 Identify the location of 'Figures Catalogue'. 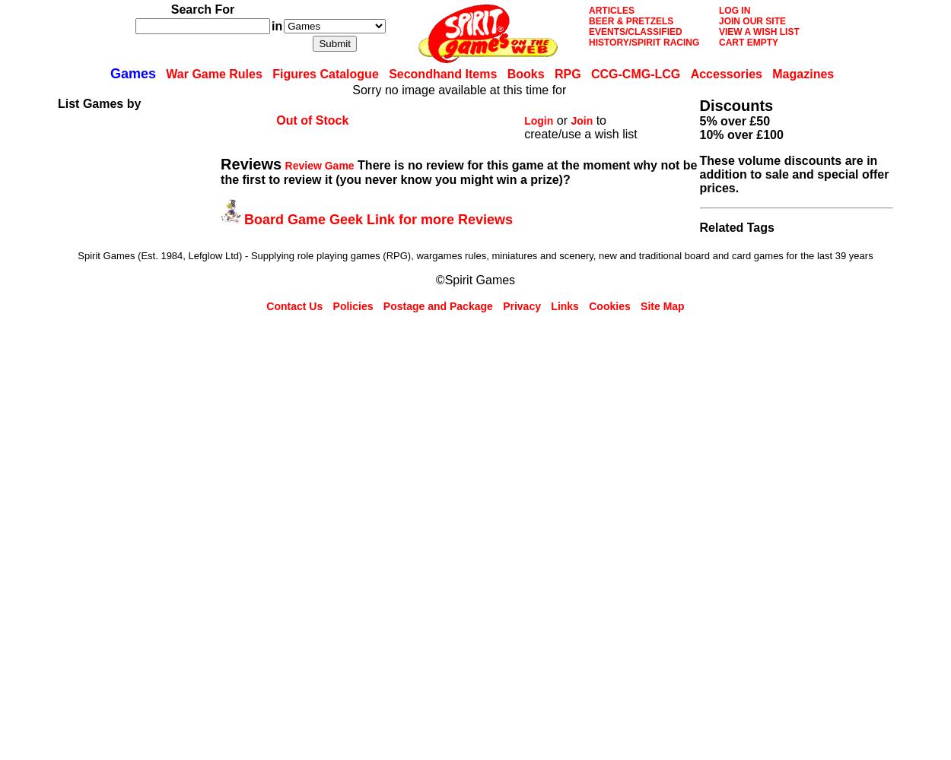
(272, 73).